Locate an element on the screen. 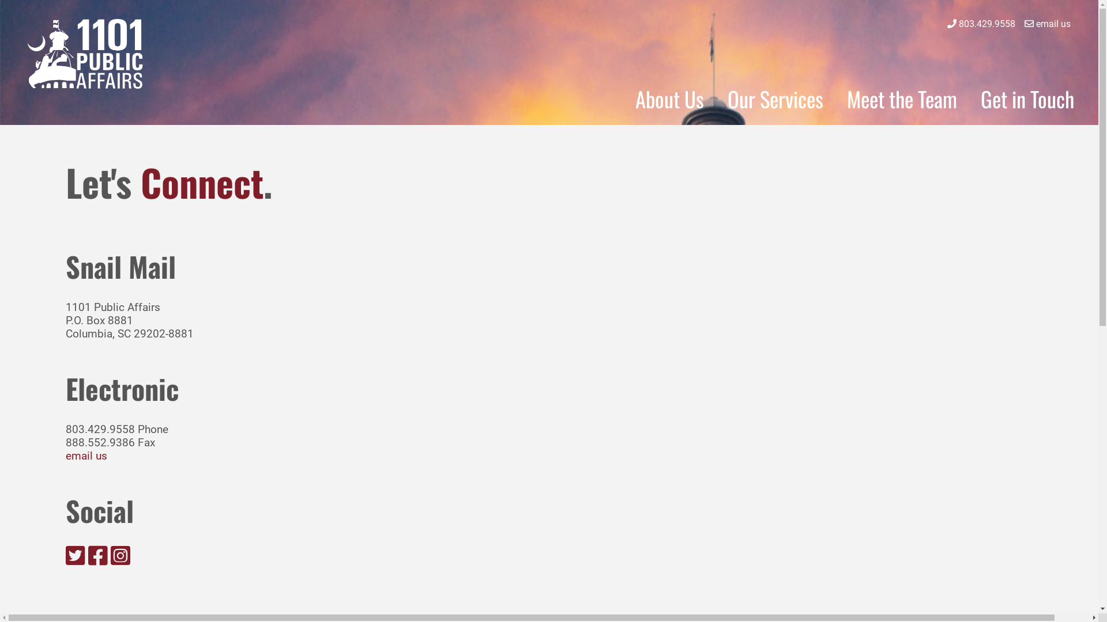 This screenshot has width=1107, height=622. 'Get in Touch' is located at coordinates (1027, 98).